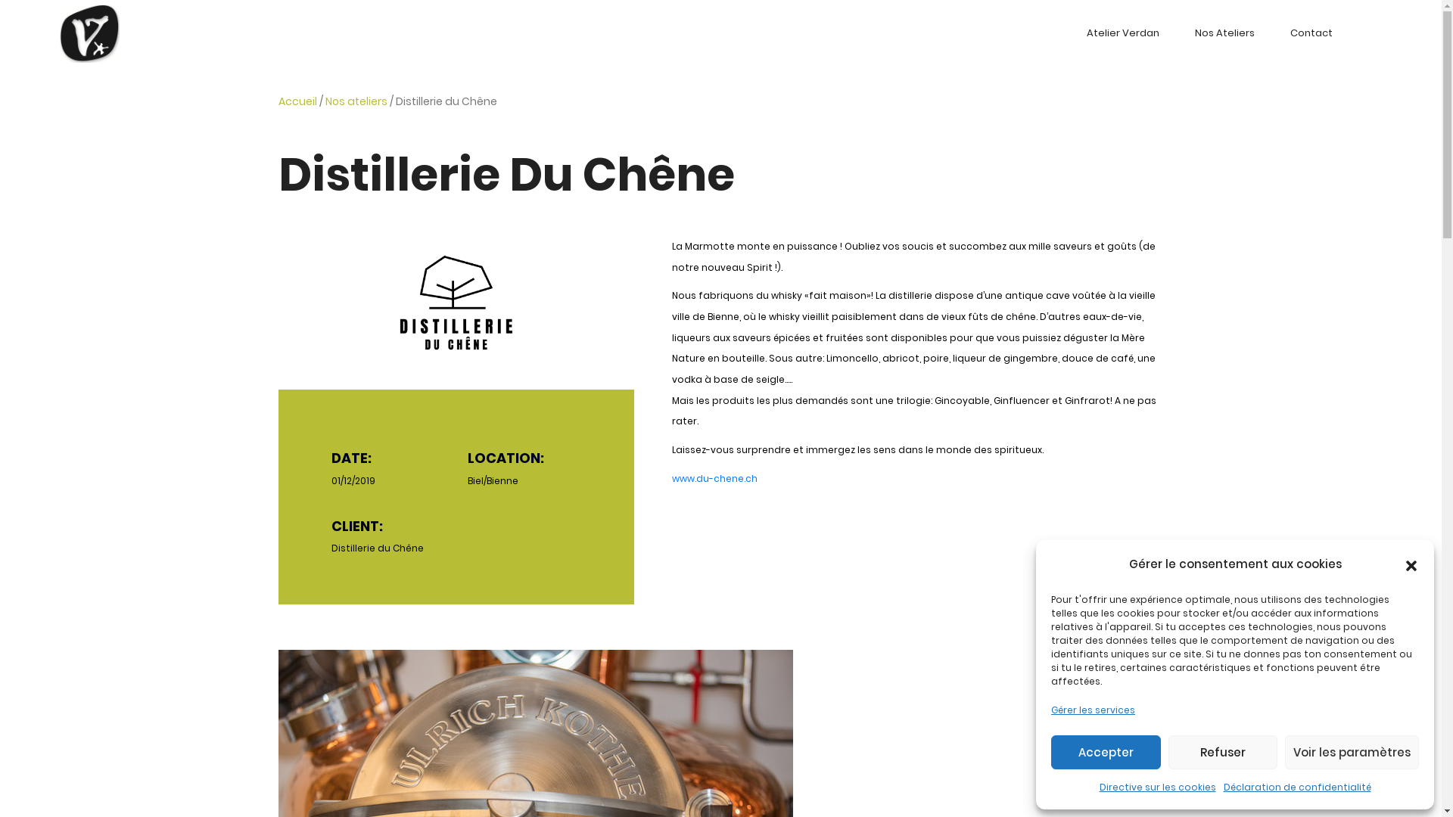  Describe the element at coordinates (1156, 787) in the screenshot. I see `'Directive sur les cookies'` at that location.